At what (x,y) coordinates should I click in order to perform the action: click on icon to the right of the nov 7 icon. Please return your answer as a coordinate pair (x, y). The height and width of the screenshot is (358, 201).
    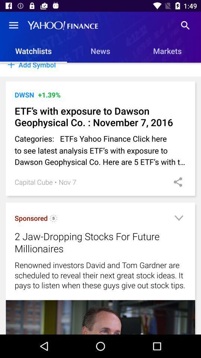
    Looking at the image, I should click on (175, 182).